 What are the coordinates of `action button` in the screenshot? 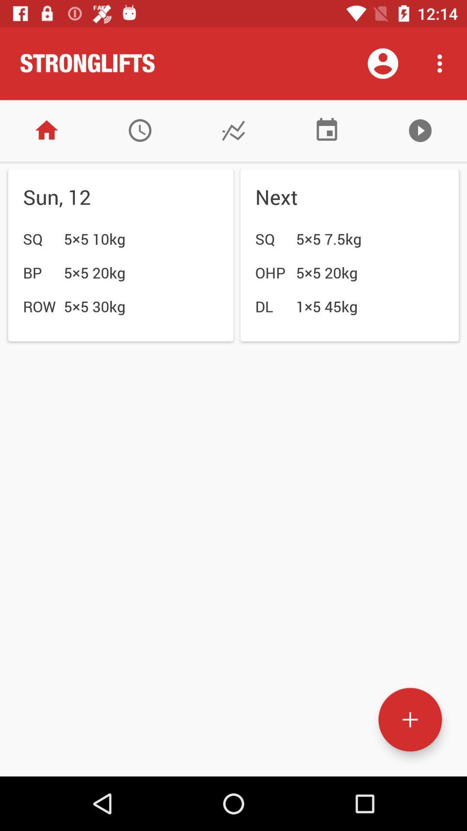 It's located at (409, 719).